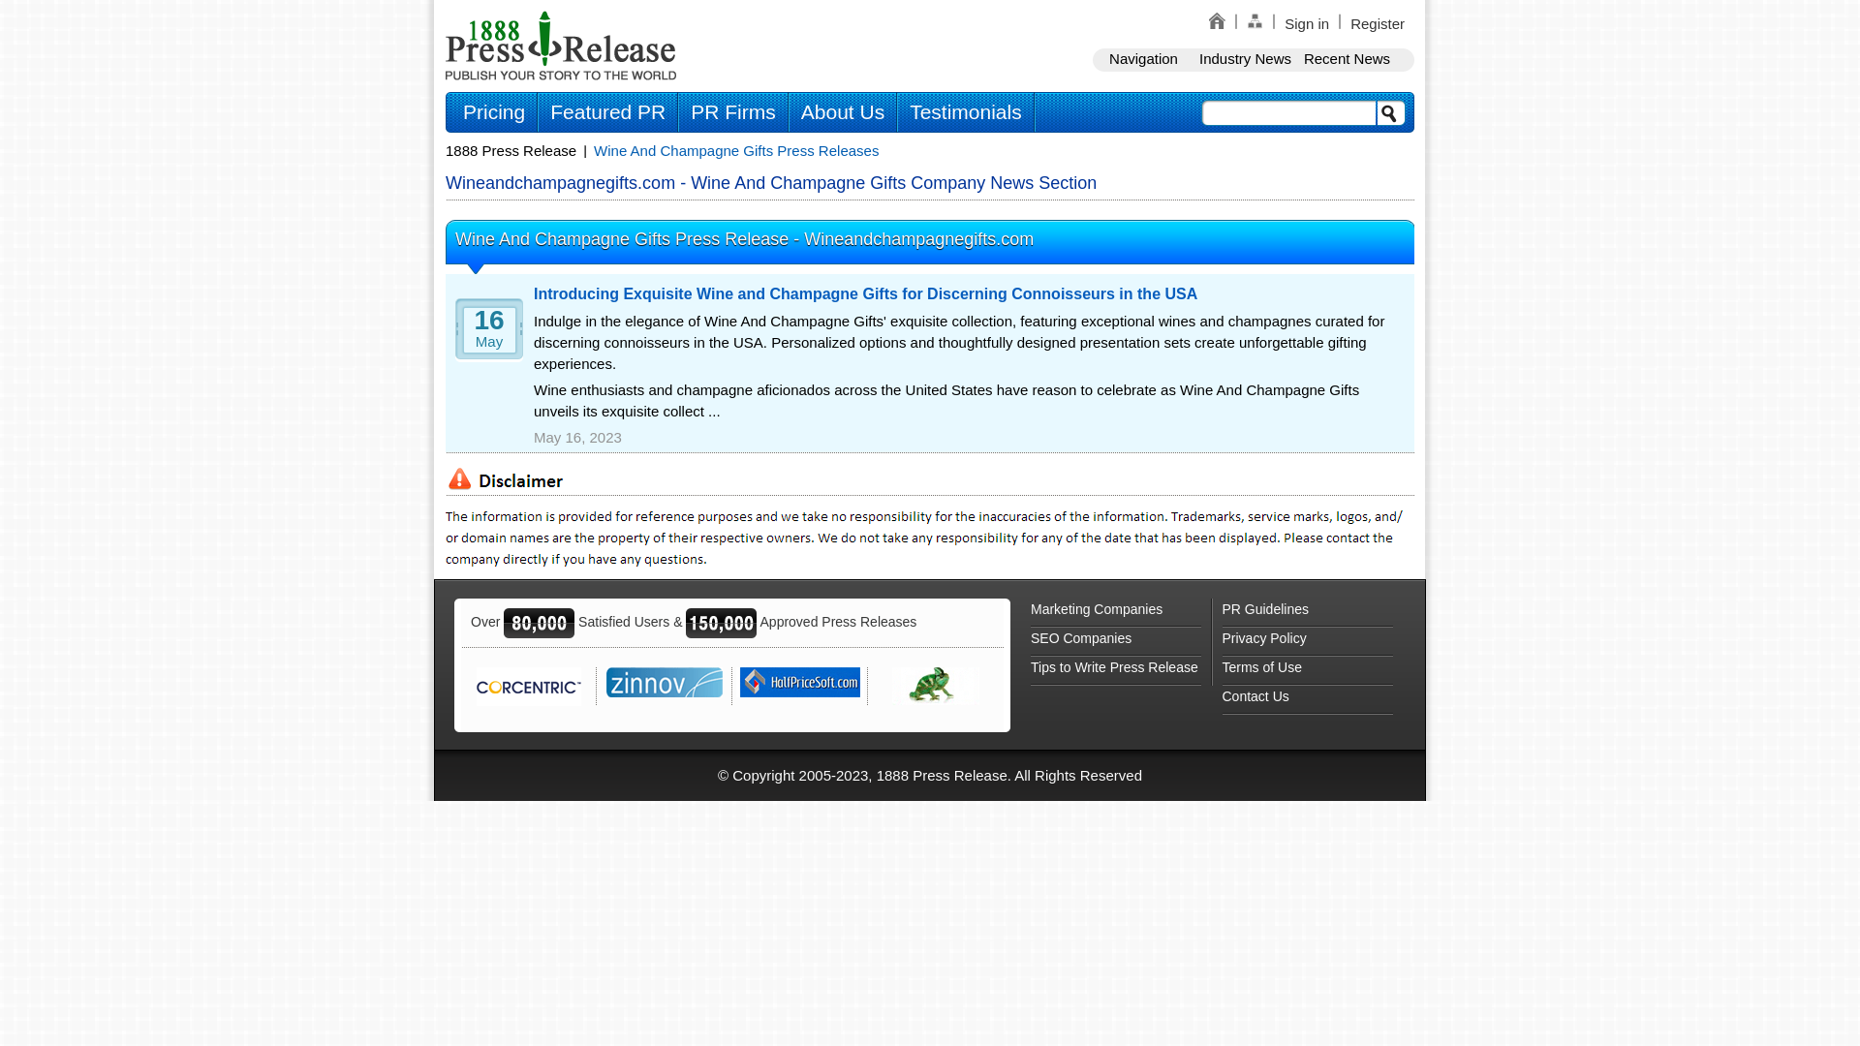 This screenshot has height=1046, width=1860. What do you see at coordinates (1307, 670) in the screenshot?
I see `'Terms of Use'` at bounding box center [1307, 670].